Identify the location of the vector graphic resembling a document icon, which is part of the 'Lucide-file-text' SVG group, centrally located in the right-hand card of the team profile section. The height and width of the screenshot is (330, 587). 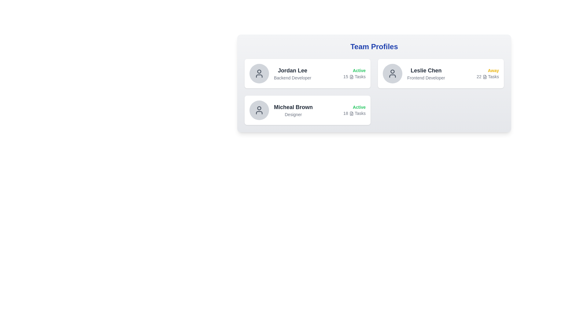
(484, 77).